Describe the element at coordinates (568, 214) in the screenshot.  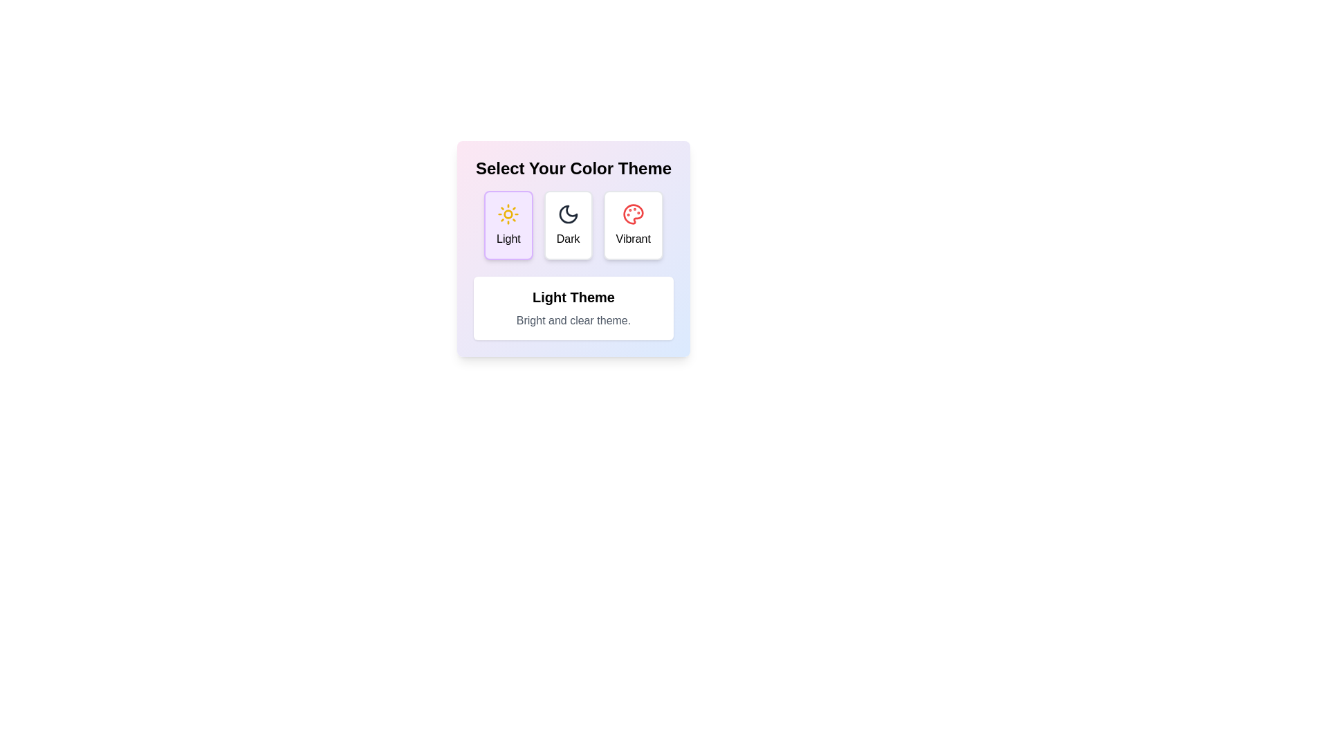
I see `the dark gray moon icon located in the center of the 'Dark' theme card` at that location.